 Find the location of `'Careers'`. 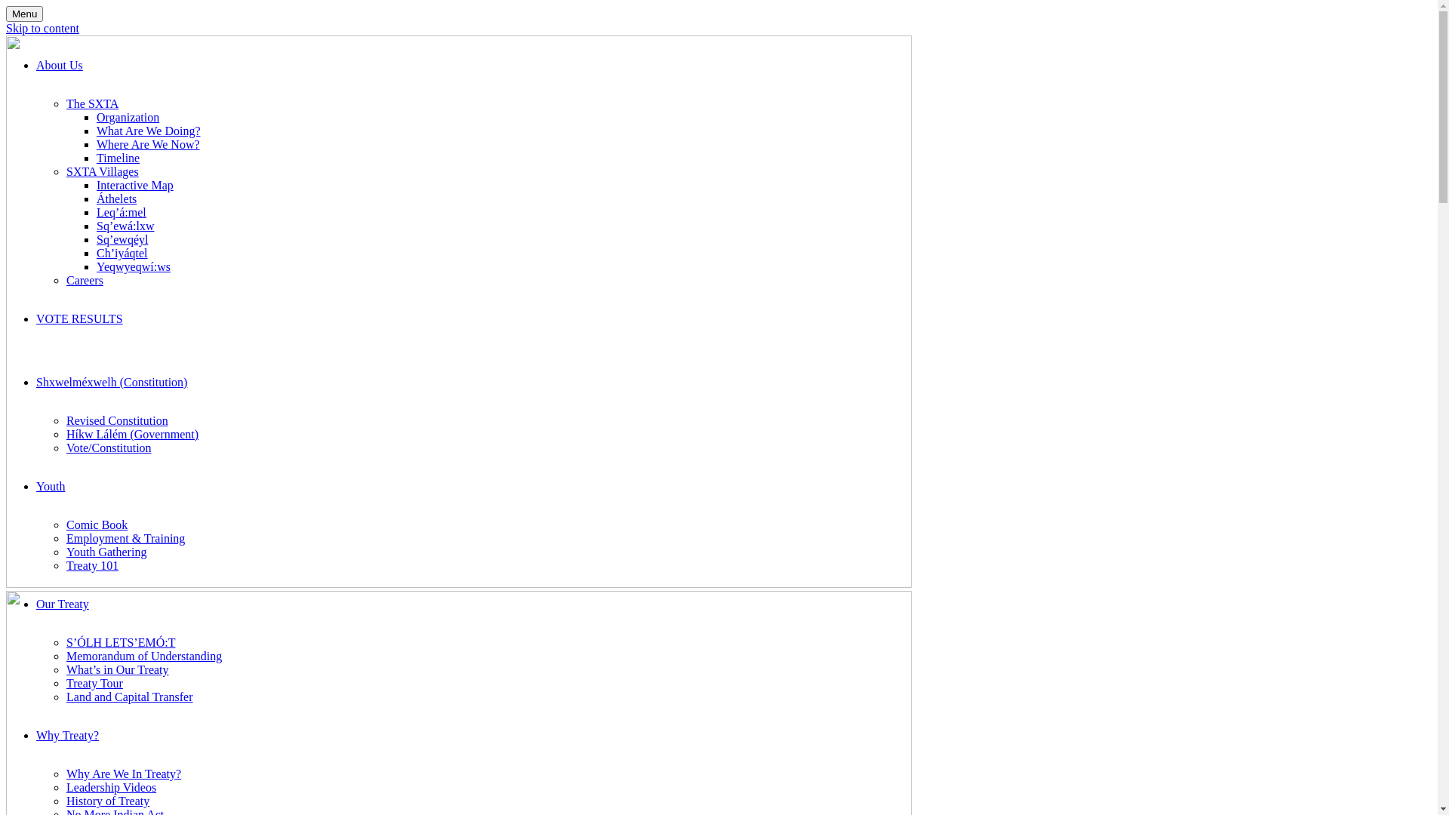

'Careers' is located at coordinates (84, 280).